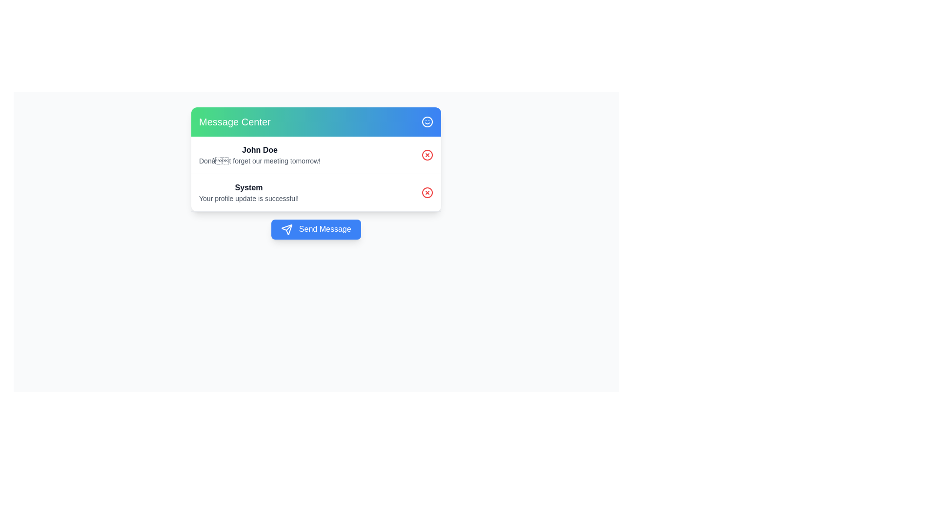 The height and width of the screenshot is (527, 937). Describe the element at coordinates (260, 150) in the screenshot. I see `text from the Text Label displaying 'John Doe', which is styled in bold and black, located at the top of the message pane above the message preview` at that location.